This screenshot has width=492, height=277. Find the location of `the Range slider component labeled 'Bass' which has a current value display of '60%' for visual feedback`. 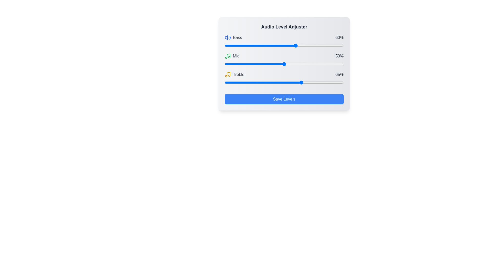

the Range slider component labeled 'Bass' which has a current value display of '60%' for visual feedback is located at coordinates (284, 41).